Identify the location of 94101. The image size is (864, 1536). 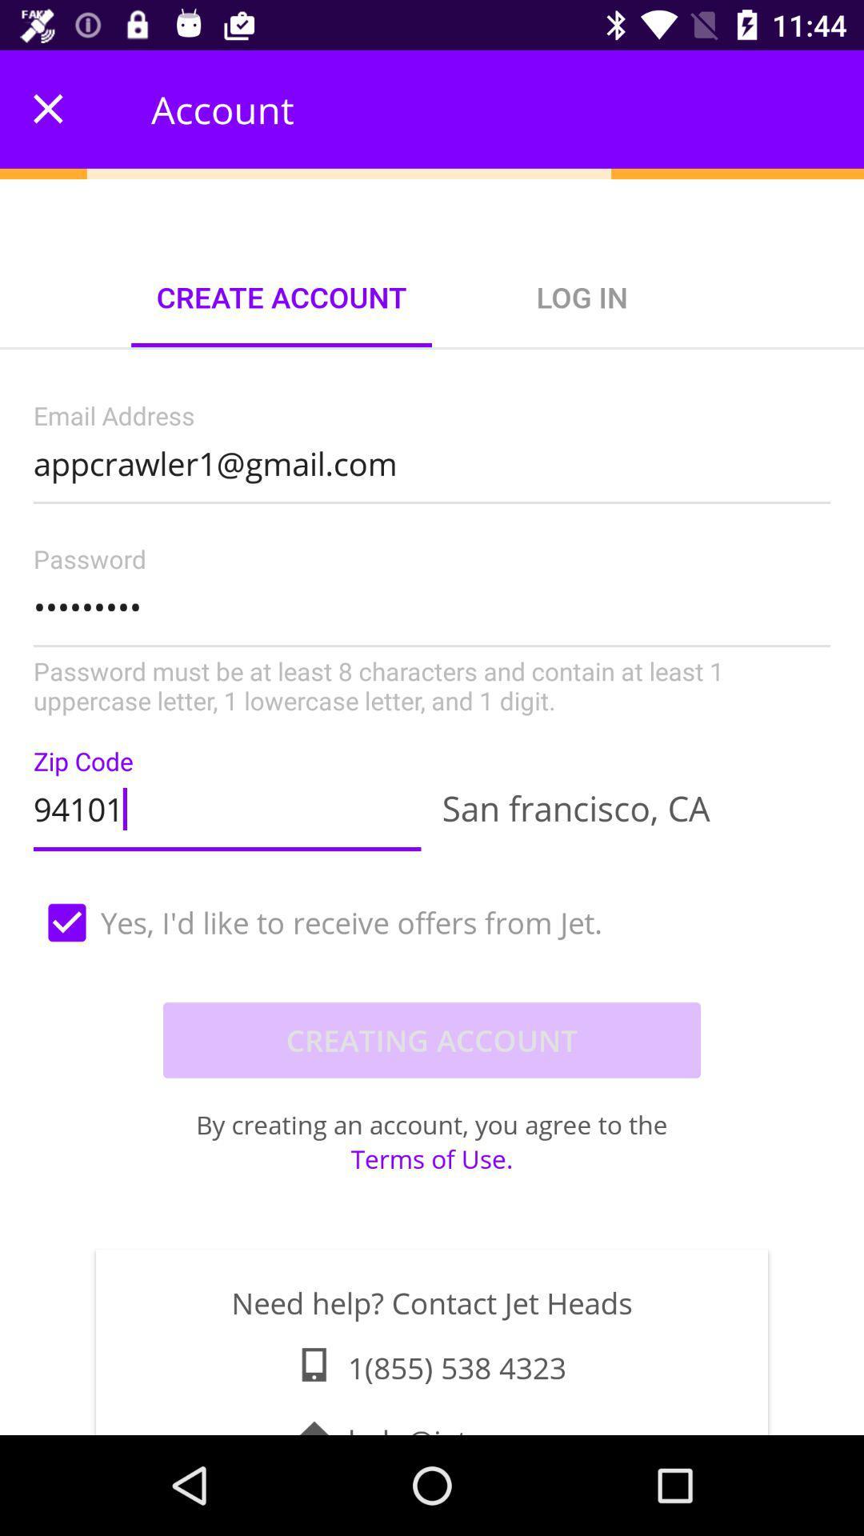
(227, 805).